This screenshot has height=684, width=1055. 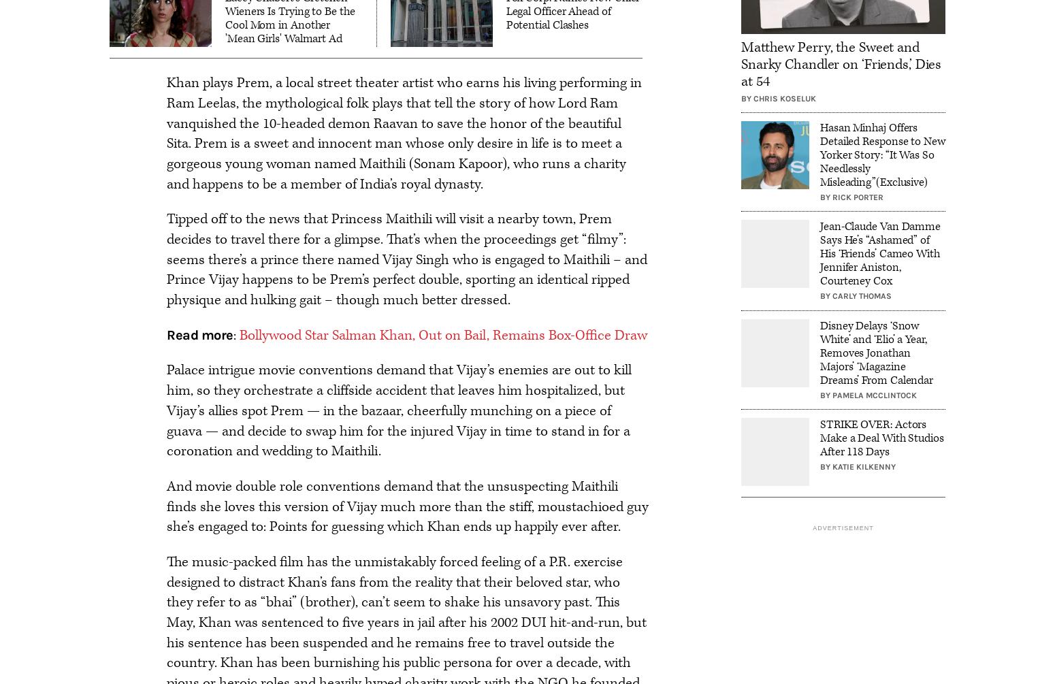 What do you see at coordinates (397, 290) in the screenshot?
I see `'perfect double, sporting an identical ripped physique and hulking gait – though much better dressed.'` at bounding box center [397, 290].